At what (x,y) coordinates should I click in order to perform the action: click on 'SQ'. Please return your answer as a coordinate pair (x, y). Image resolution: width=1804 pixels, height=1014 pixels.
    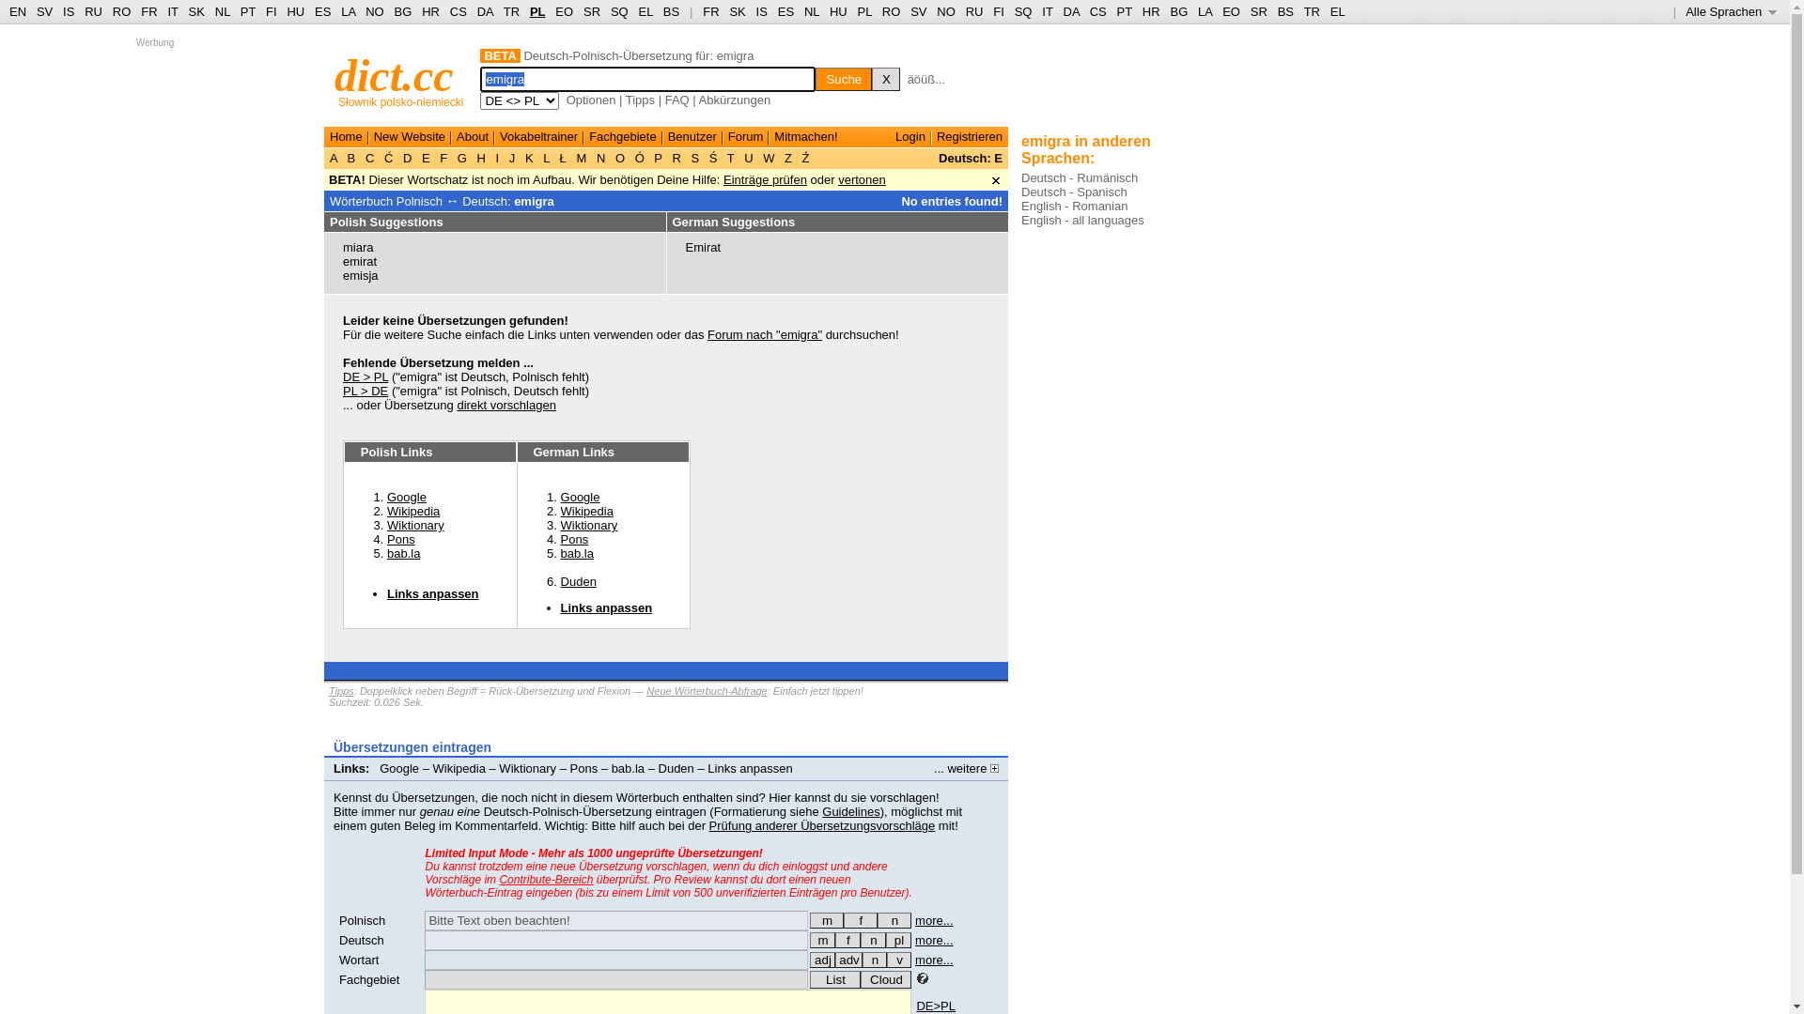
    Looking at the image, I should click on (619, 11).